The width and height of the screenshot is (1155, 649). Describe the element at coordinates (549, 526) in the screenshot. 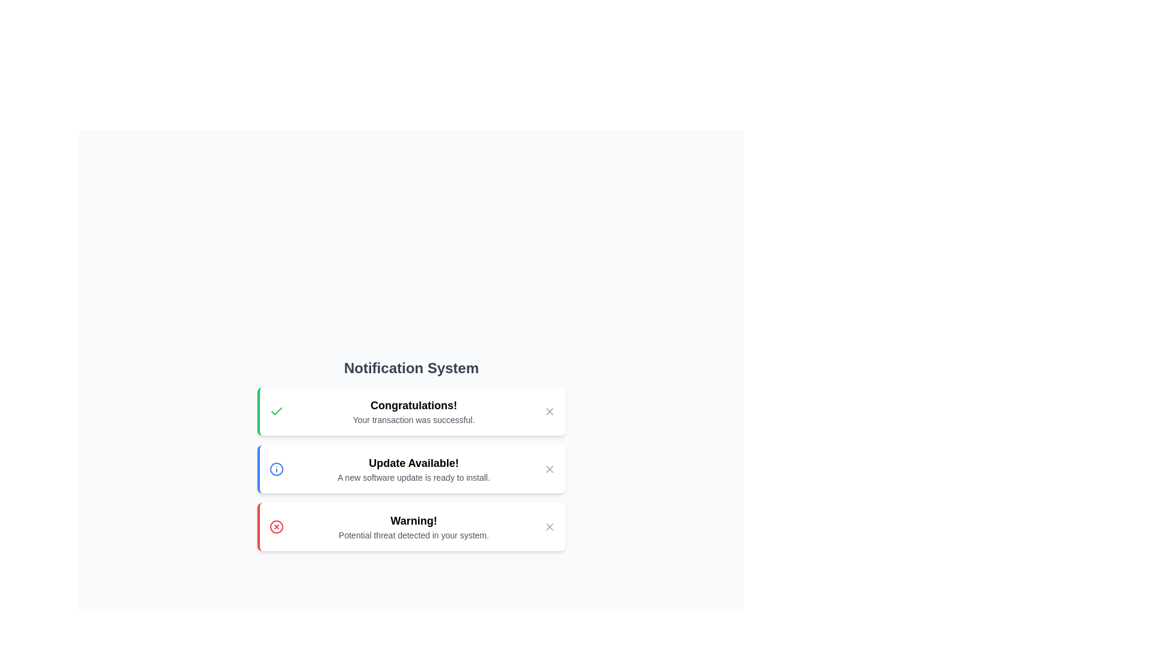

I see `the third 'X' icon in the warning notification box` at that location.